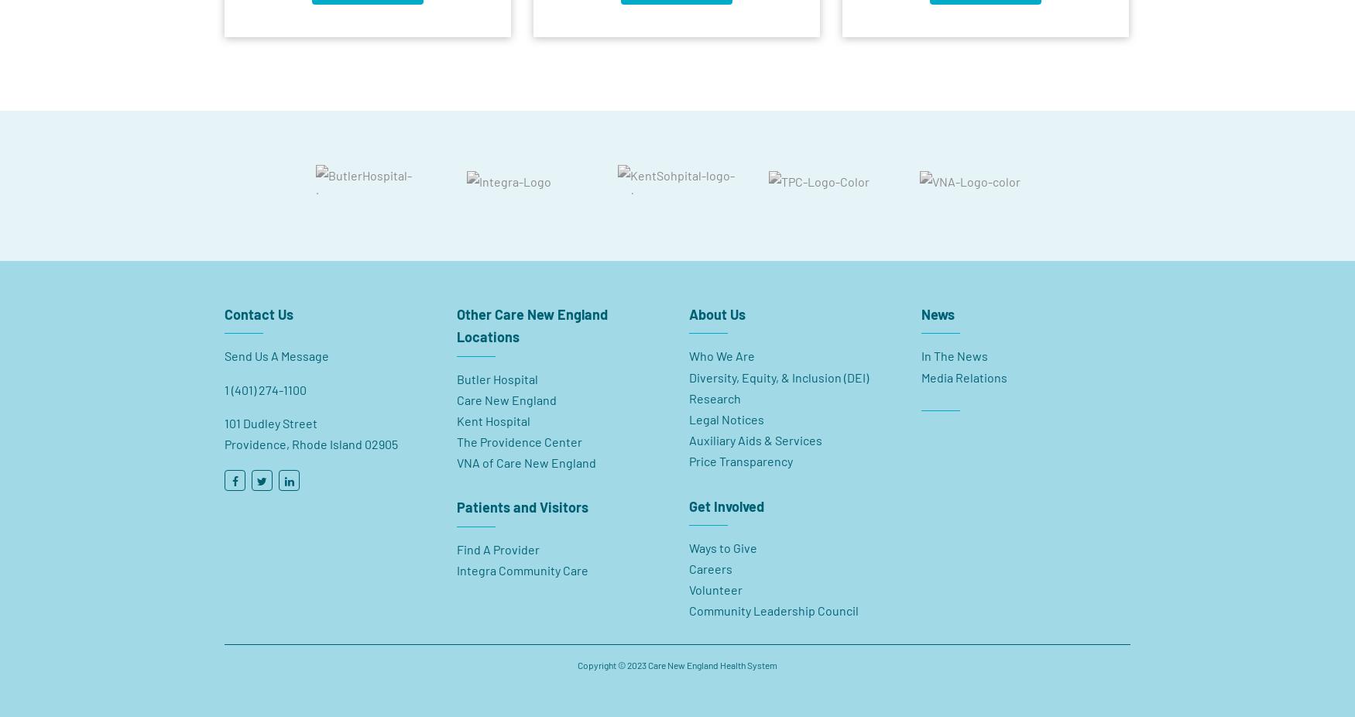 This screenshot has height=717, width=1355. I want to click on 'Care New England', so click(507, 391).